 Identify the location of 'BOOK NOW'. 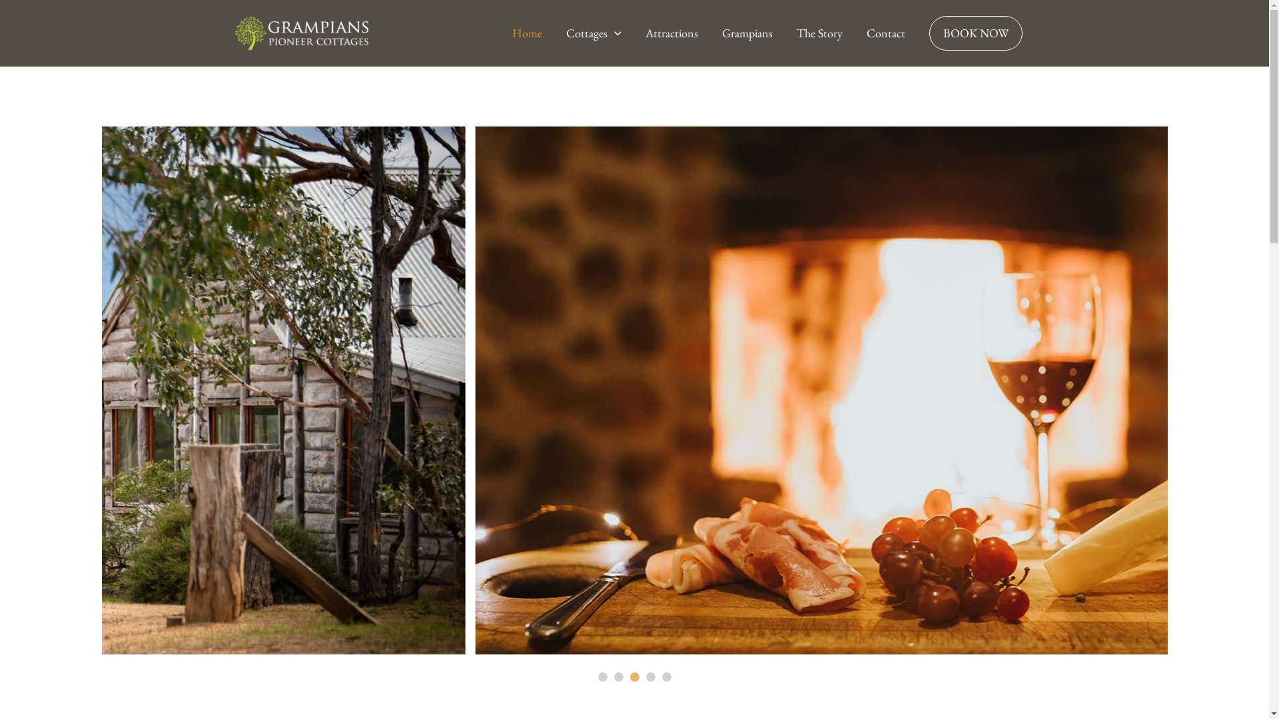
(916, 33).